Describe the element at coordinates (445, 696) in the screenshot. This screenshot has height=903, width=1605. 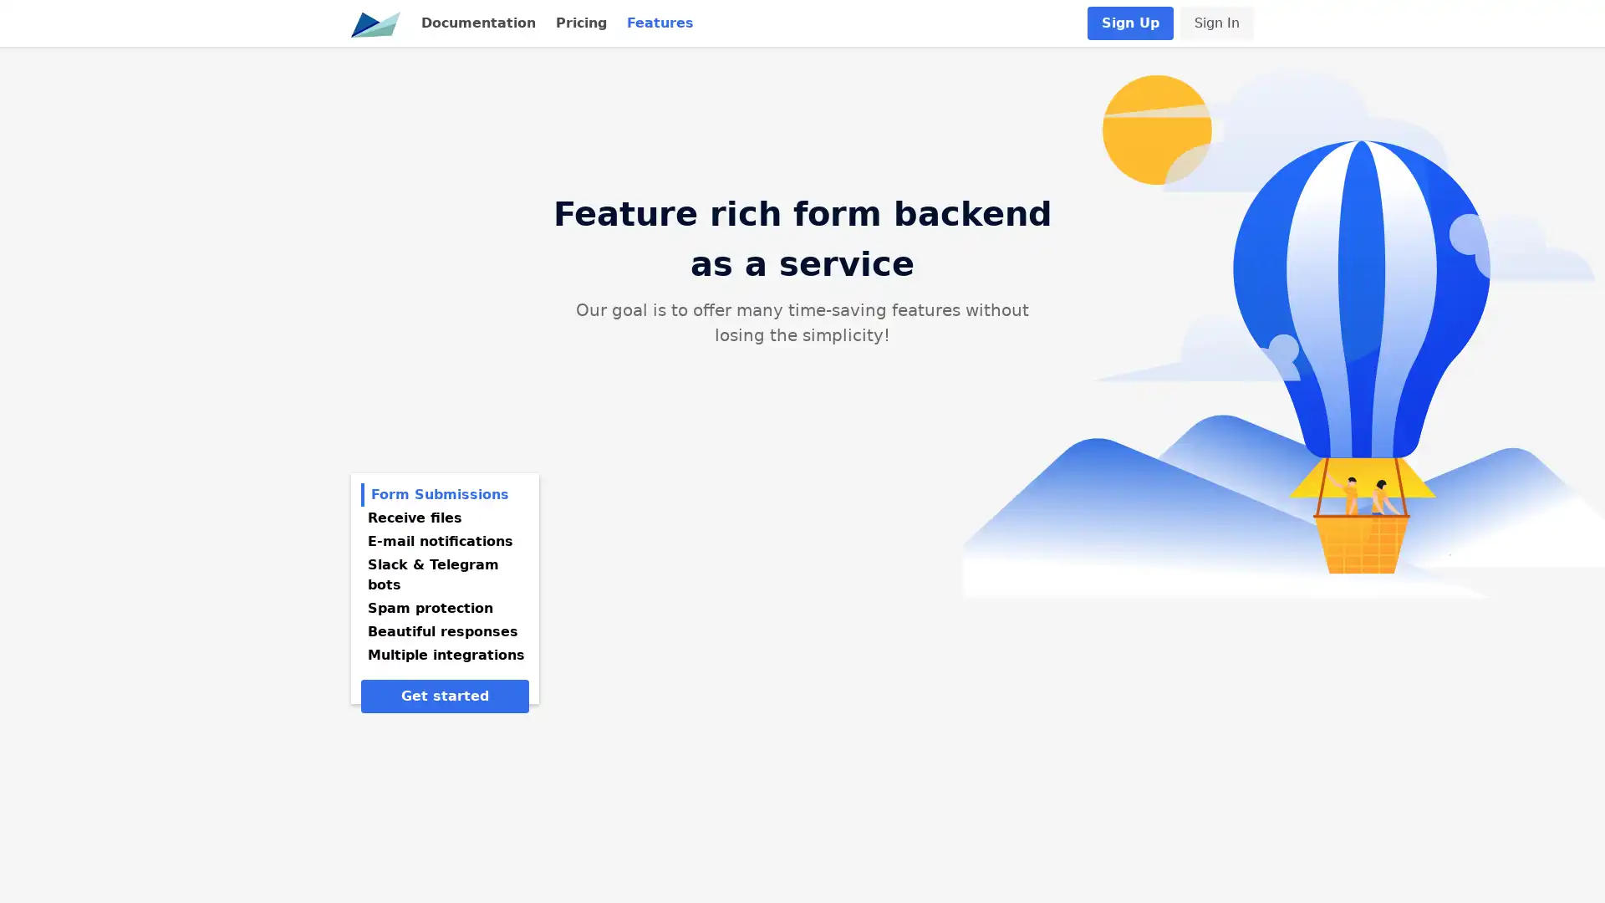
I see `Get started` at that location.